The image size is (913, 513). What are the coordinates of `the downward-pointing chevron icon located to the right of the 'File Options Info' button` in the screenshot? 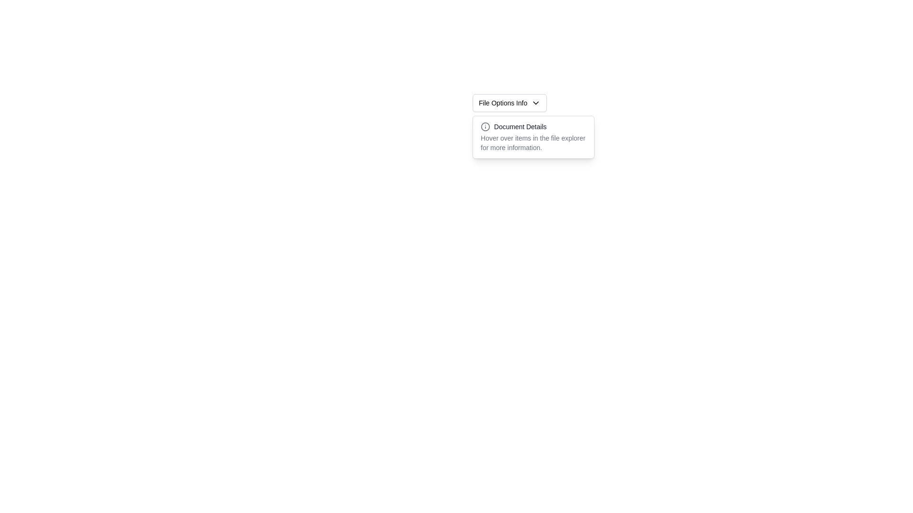 It's located at (536, 103).